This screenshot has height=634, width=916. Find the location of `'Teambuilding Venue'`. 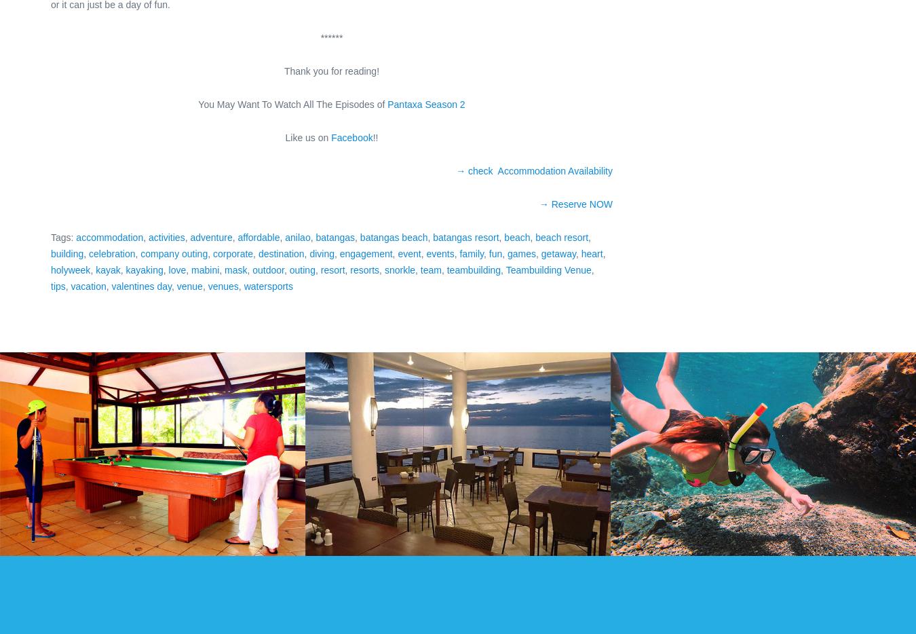

'Teambuilding Venue' is located at coordinates (548, 269).